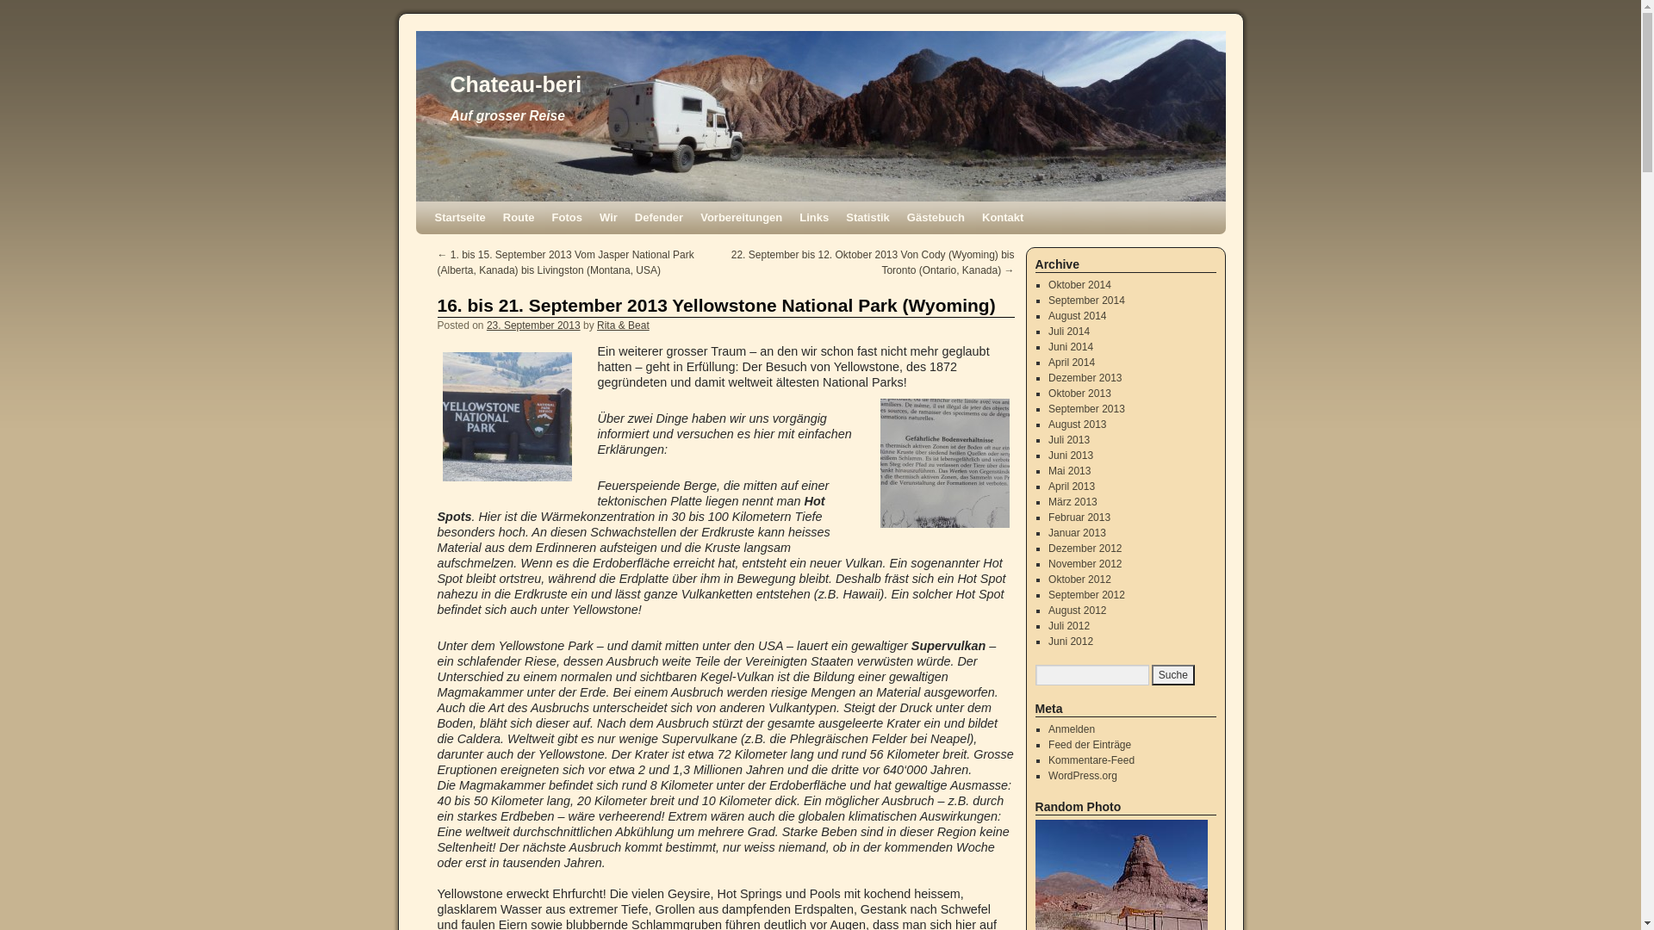  What do you see at coordinates (608, 217) in the screenshot?
I see `'Wir'` at bounding box center [608, 217].